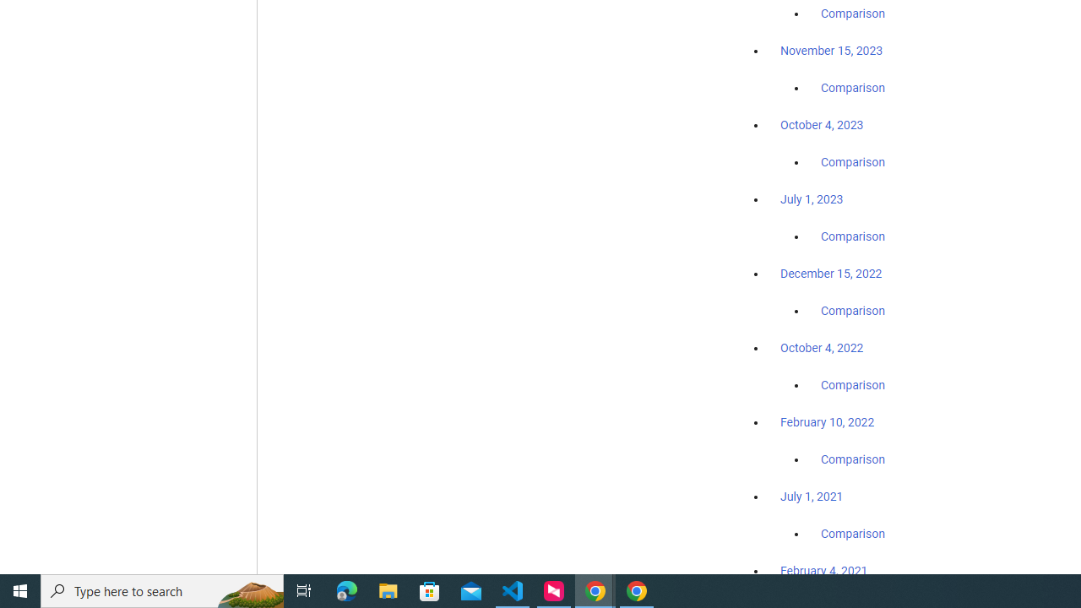 The width and height of the screenshot is (1081, 608). Describe the element at coordinates (831, 273) in the screenshot. I see `'December 15, 2022'` at that location.